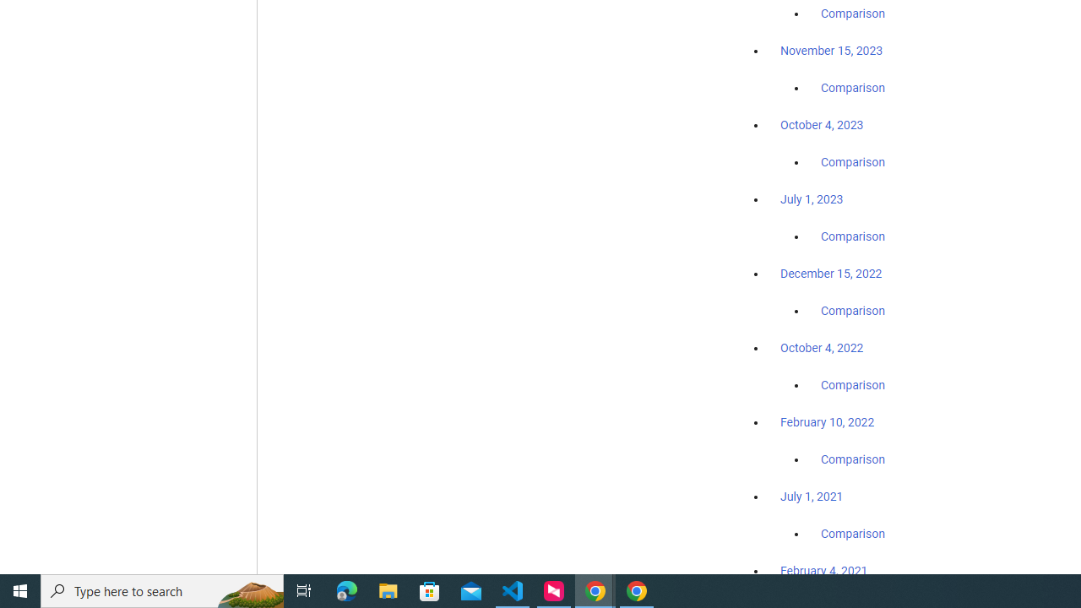 The width and height of the screenshot is (1081, 608). Describe the element at coordinates (831, 273) in the screenshot. I see `'December 15, 2022'` at that location.